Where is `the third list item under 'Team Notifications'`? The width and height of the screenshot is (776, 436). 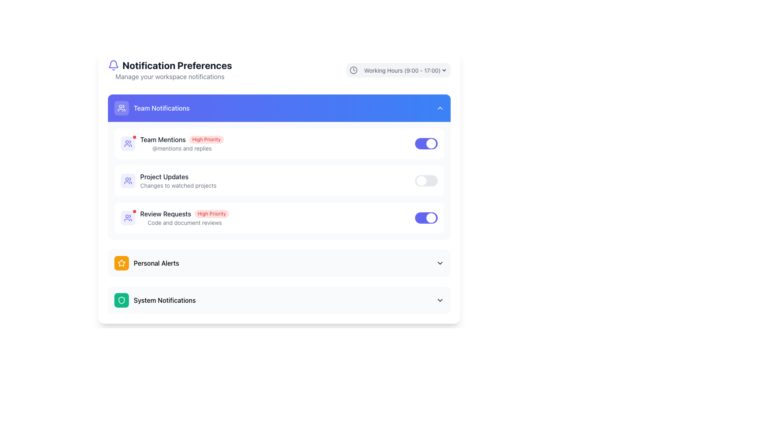 the third list item under 'Team Notifications' is located at coordinates (175, 218).